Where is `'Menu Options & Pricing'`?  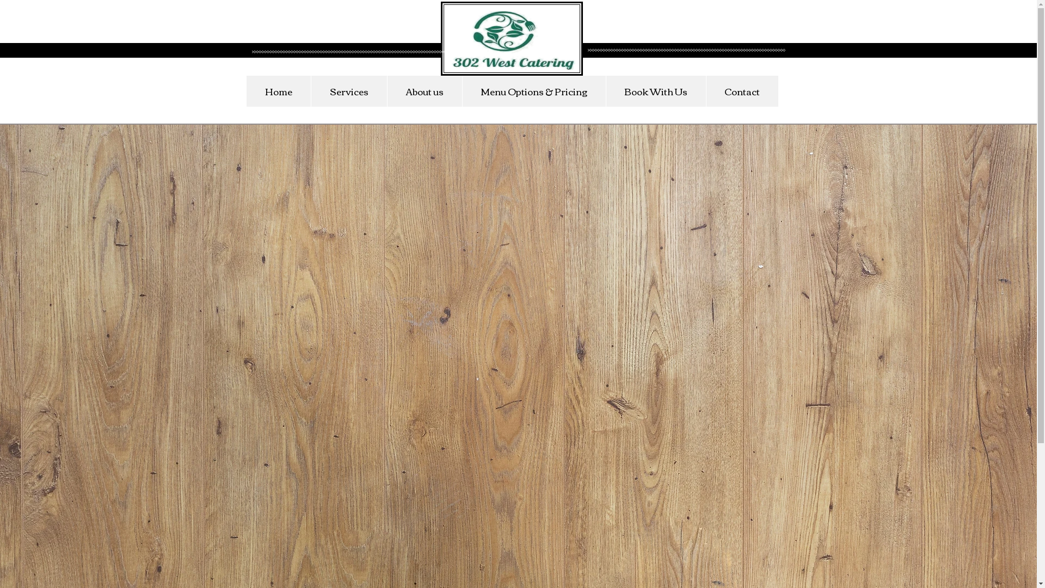
'Menu Options & Pricing' is located at coordinates (462, 90).